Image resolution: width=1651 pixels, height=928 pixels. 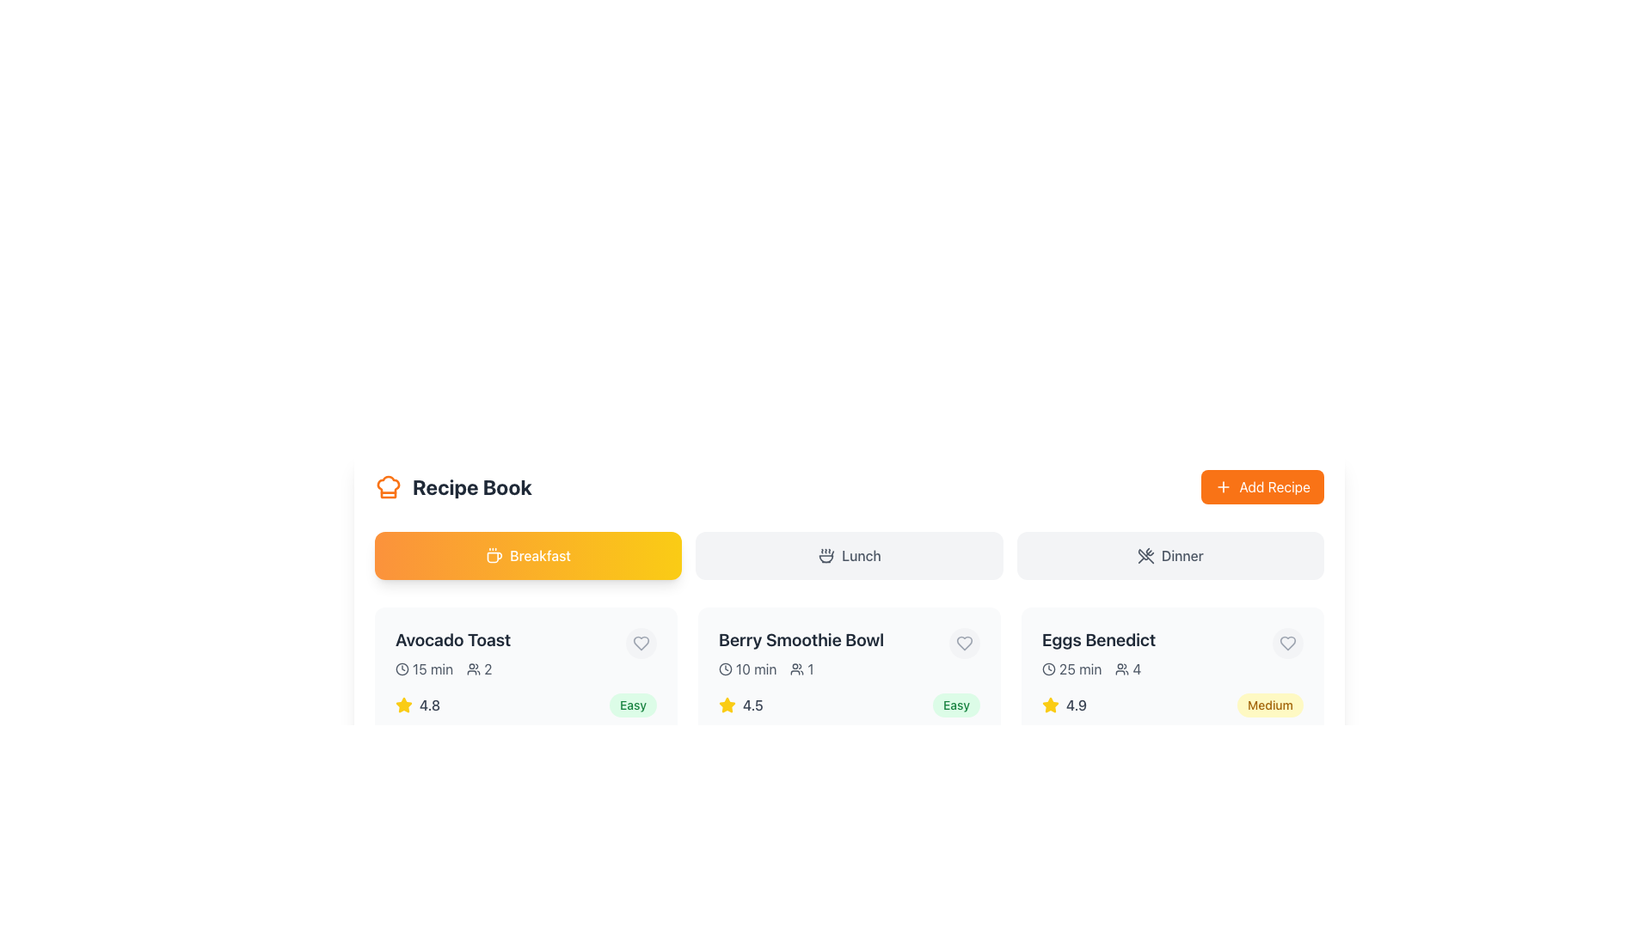 What do you see at coordinates (453, 653) in the screenshot?
I see `the icons associated with the recipe title 'Avocado Toast' in the first recipe card under the 'Breakfast' section` at bounding box center [453, 653].